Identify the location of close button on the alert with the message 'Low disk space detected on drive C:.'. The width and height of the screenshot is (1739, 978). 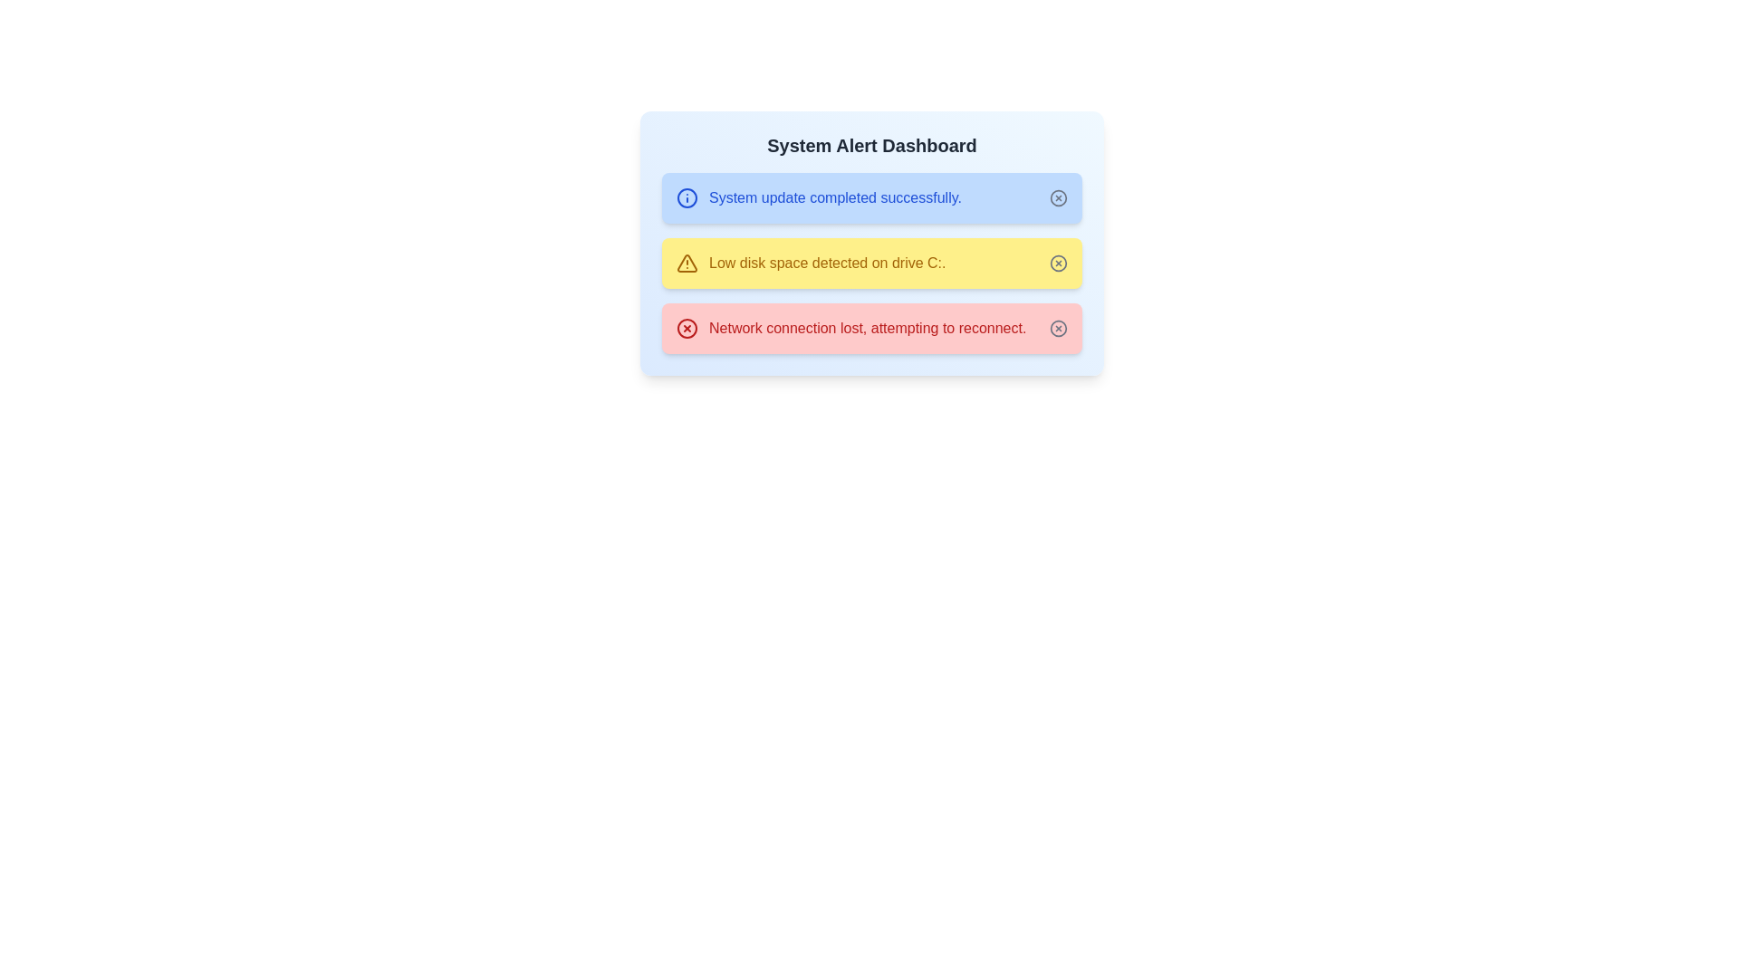
(1059, 263).